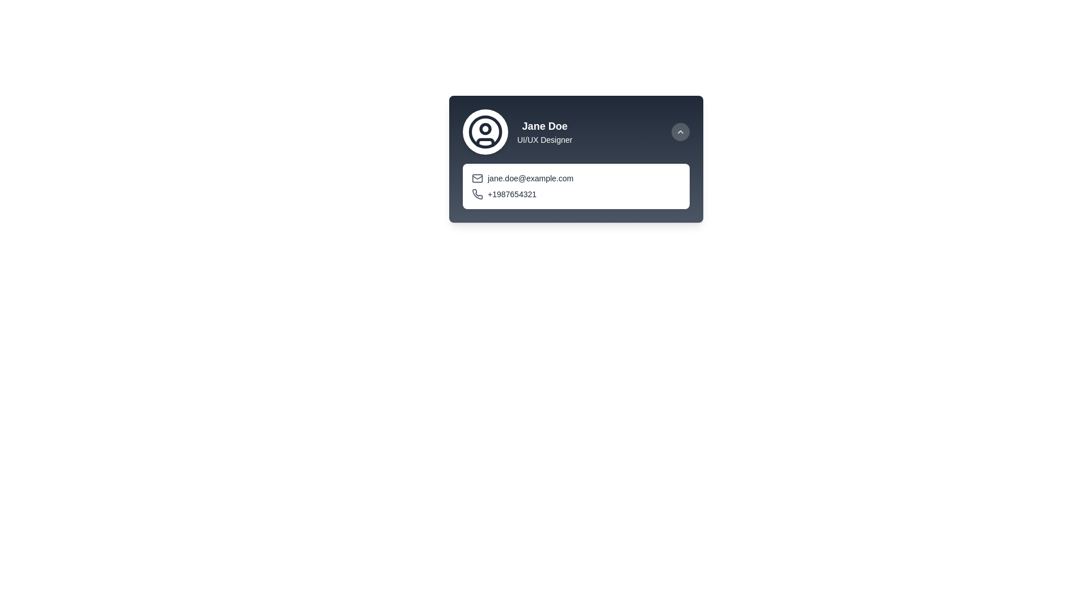 The width and height of the screenshot is (1089, 612). Describe the element at coordinates (544, 139) in the screenshot. I see `the 'UI/UX Designer' text label, which is styled in white against a dark background and positioned below 'Jane Doe' in the card-like UI` at that location.